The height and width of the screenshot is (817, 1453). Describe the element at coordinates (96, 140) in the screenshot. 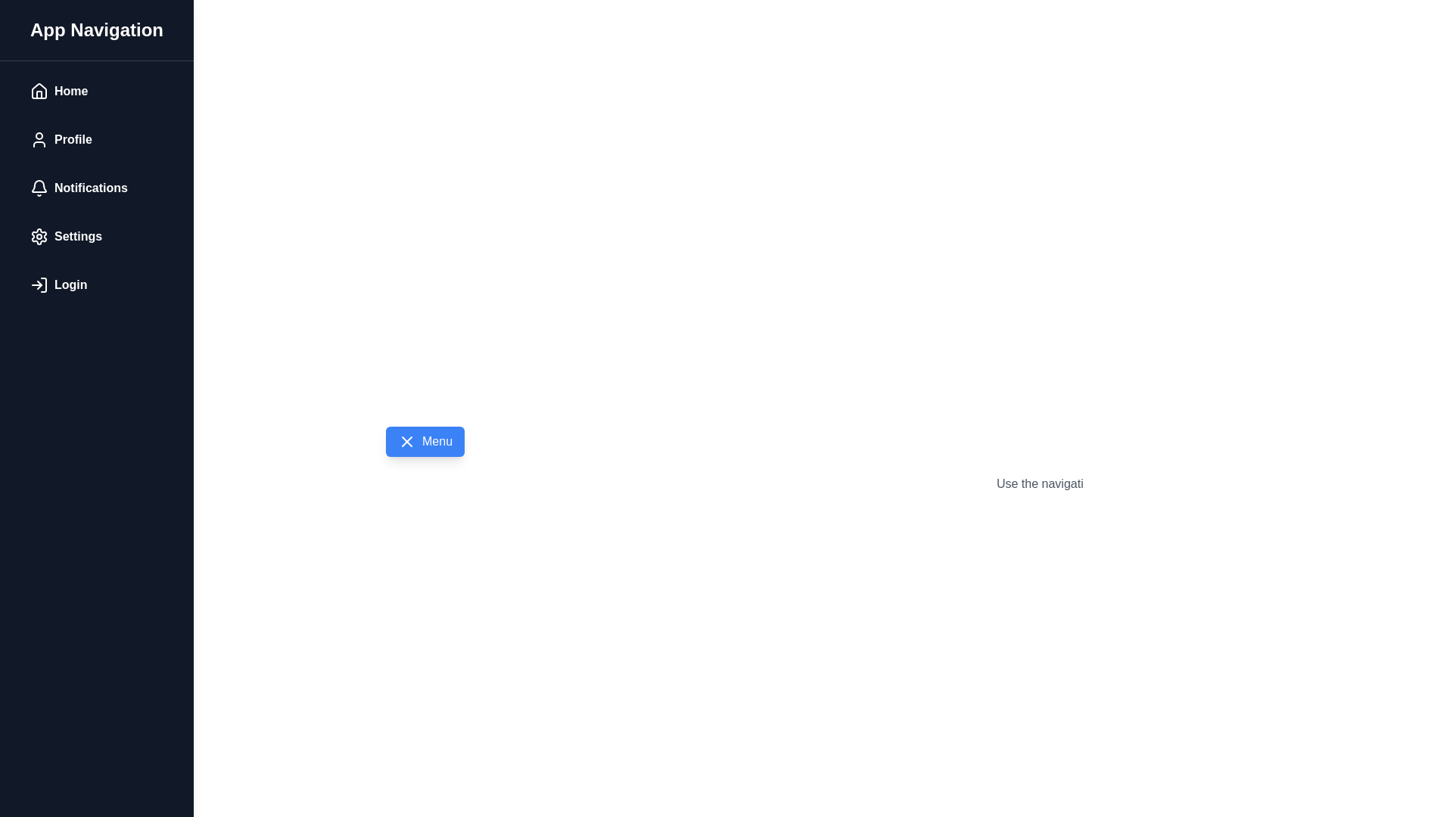

I see `the 'Profile' navigation link in the vertical menu` at that location.